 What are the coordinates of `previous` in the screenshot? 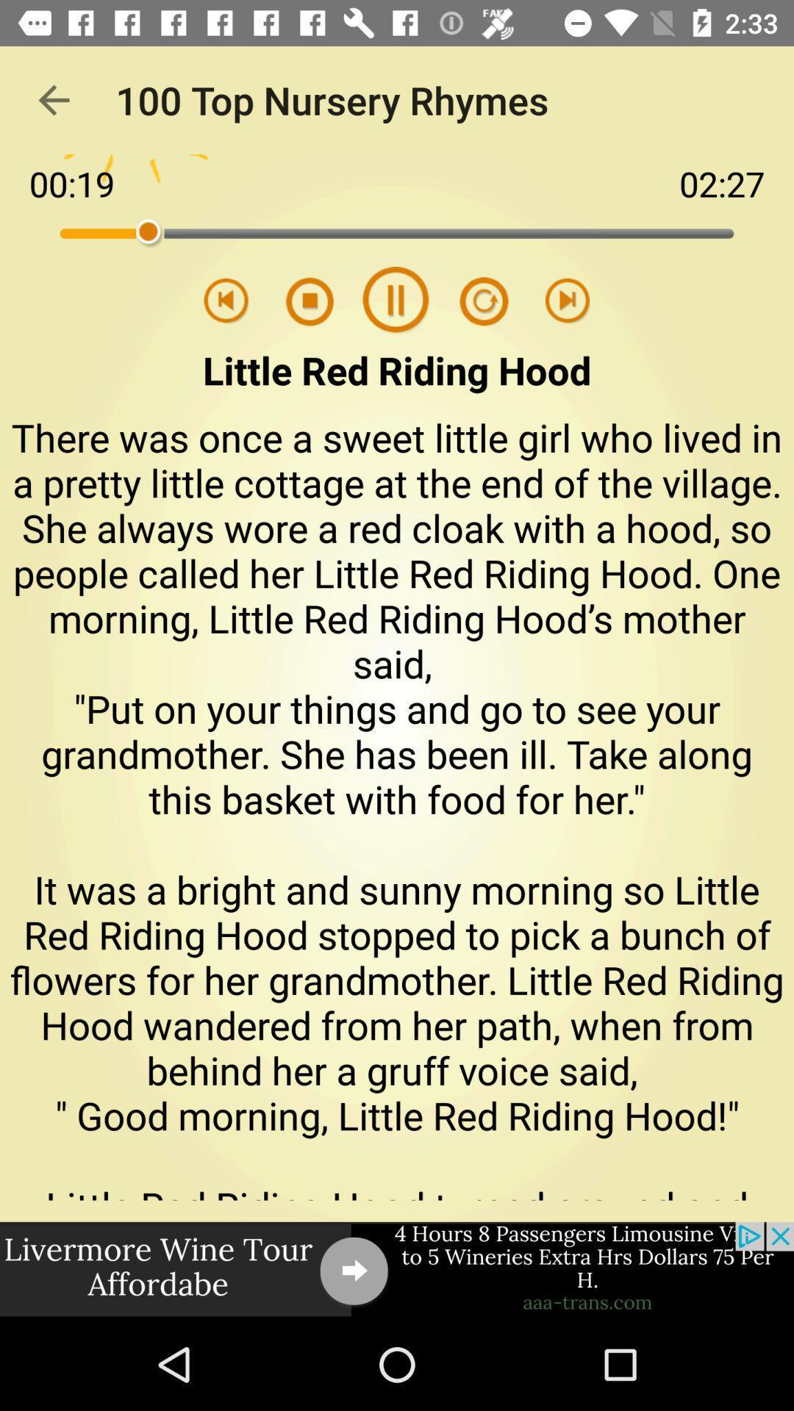 It's located at (226, 301).